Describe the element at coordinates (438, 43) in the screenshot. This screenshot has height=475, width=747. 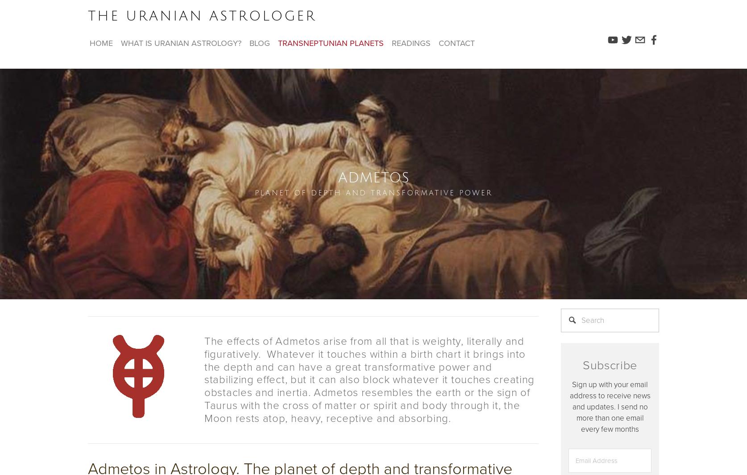
I see `'contact'` at that location.